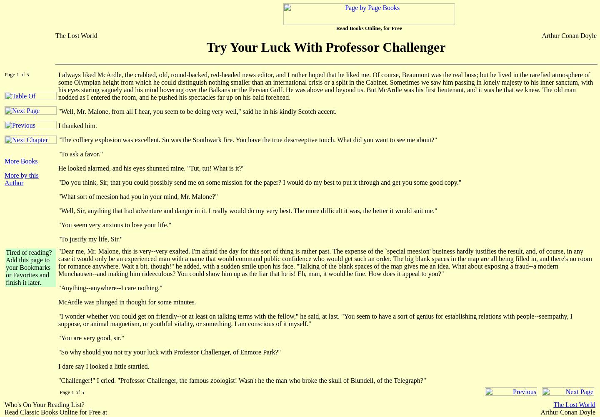  I want to click on '"The colliery explosion was excellent.  So was the Southwark fire. 
You have the true descreeptive touch.  What did you want to see
me about?"', so click(247, 139).